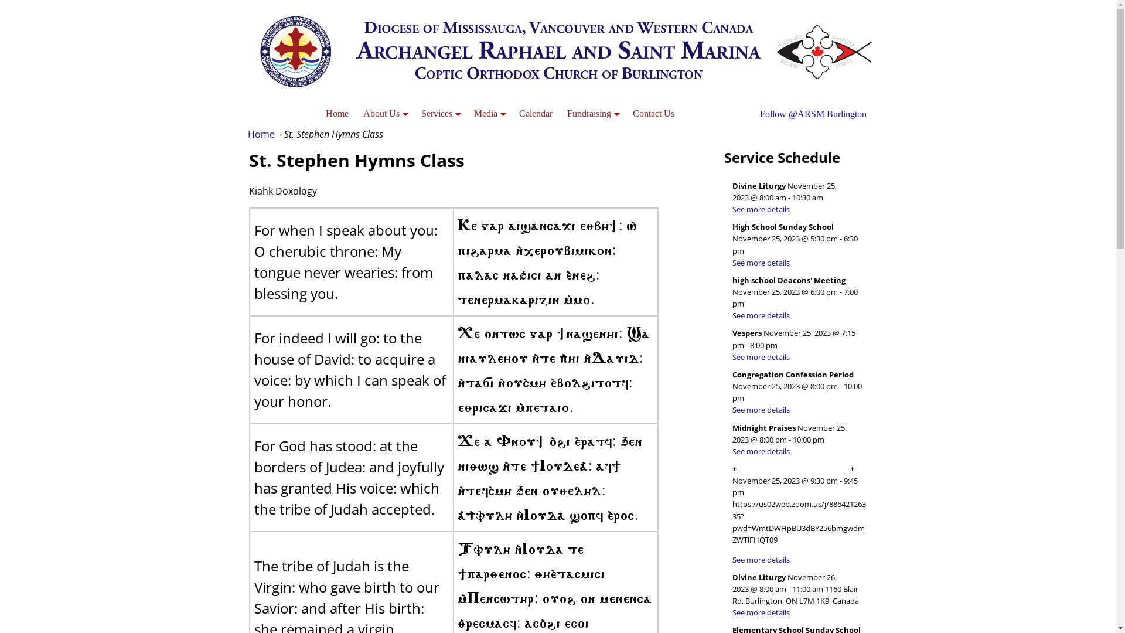 Image resolution: width=1125 pixels, height=633 pixels. What do you see at coordinates (593, 114) in the screenshot?
I see `'Fundraising'` at bounding box center [593, 114].